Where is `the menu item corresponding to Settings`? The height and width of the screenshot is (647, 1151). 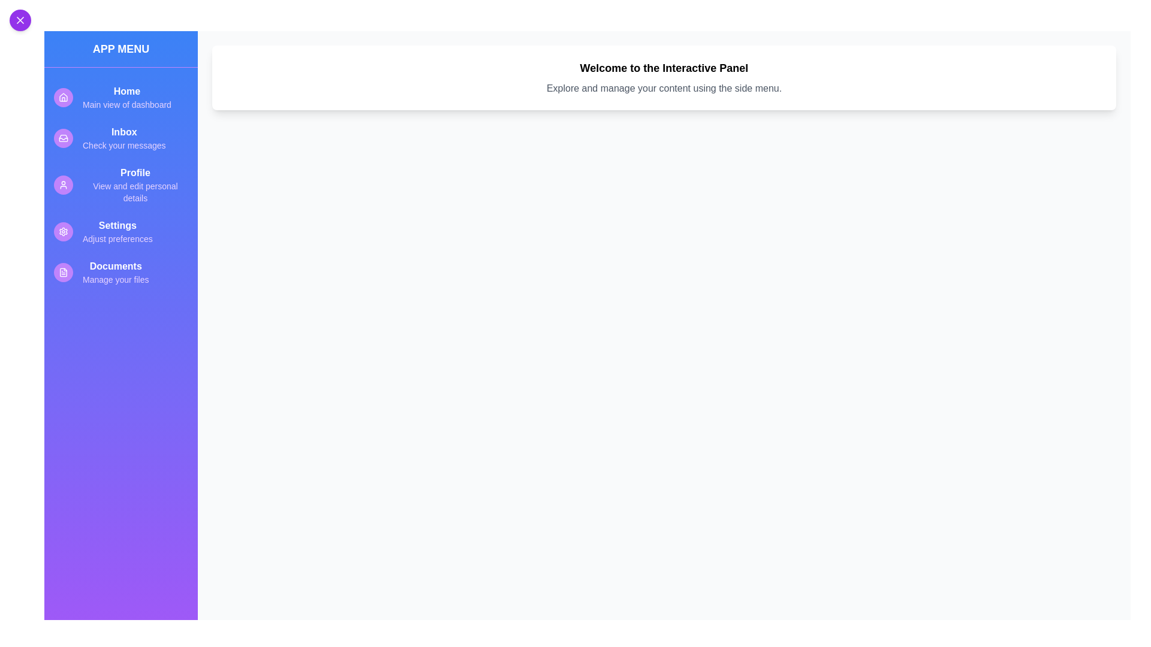
the menu item corresponding to Settings is located at coordinates (120, 231).